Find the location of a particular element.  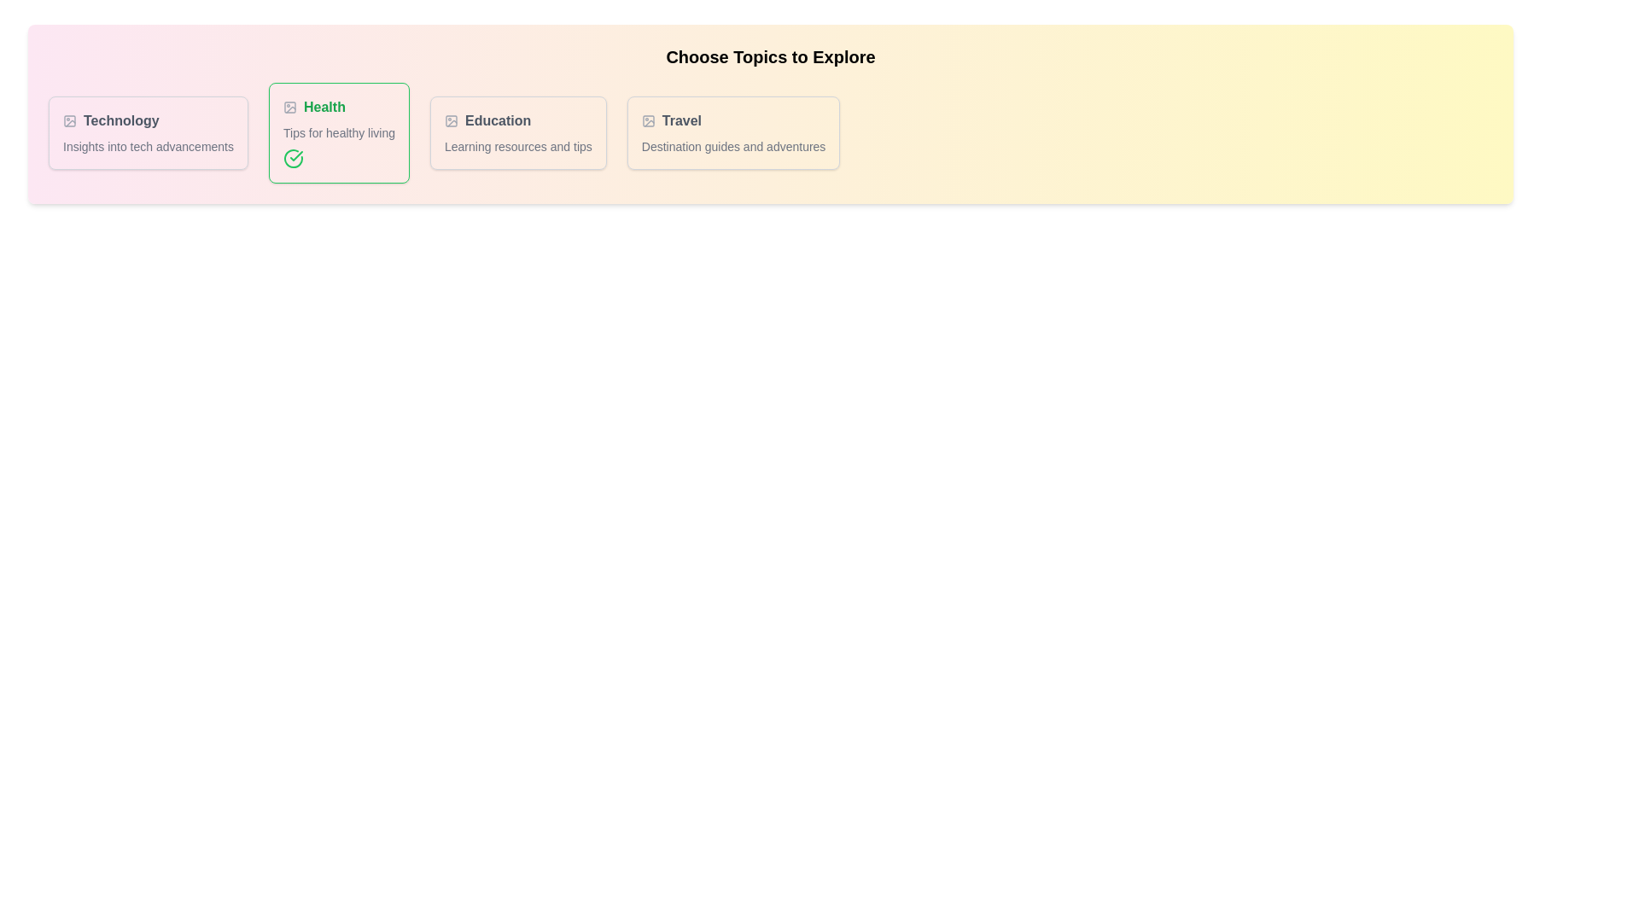

the tag labeled Technology to reveal its additional context is located at coordinates (148, 120).